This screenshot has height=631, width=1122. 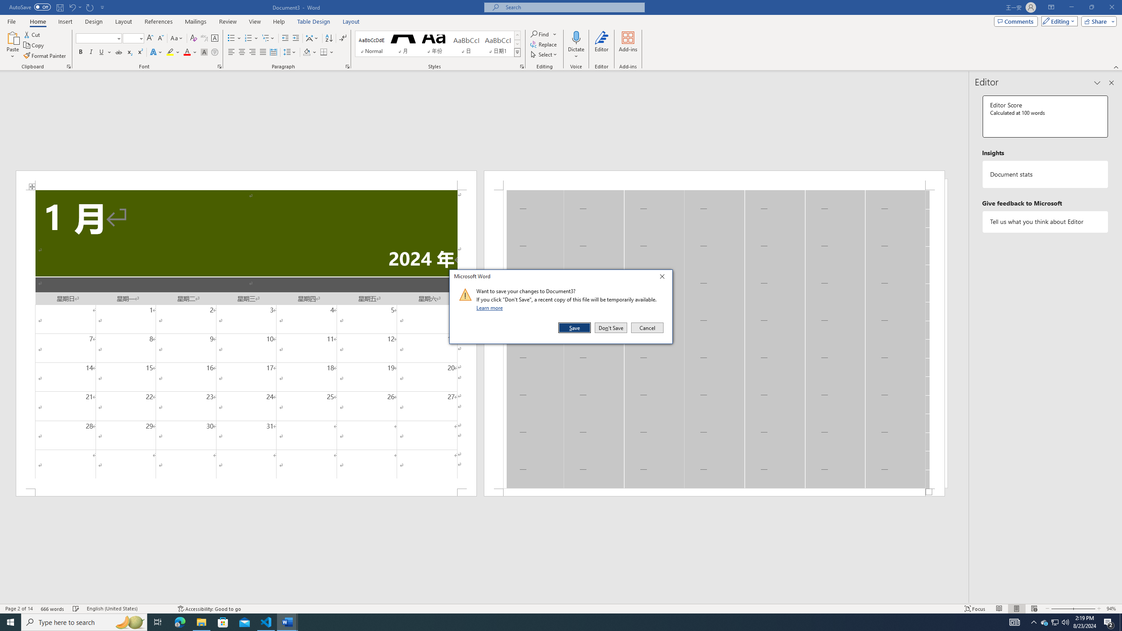 What do you see at coordinates (314, 21) in the screenshot?
I see `'Table Design'` at bounding box center [314, 21].